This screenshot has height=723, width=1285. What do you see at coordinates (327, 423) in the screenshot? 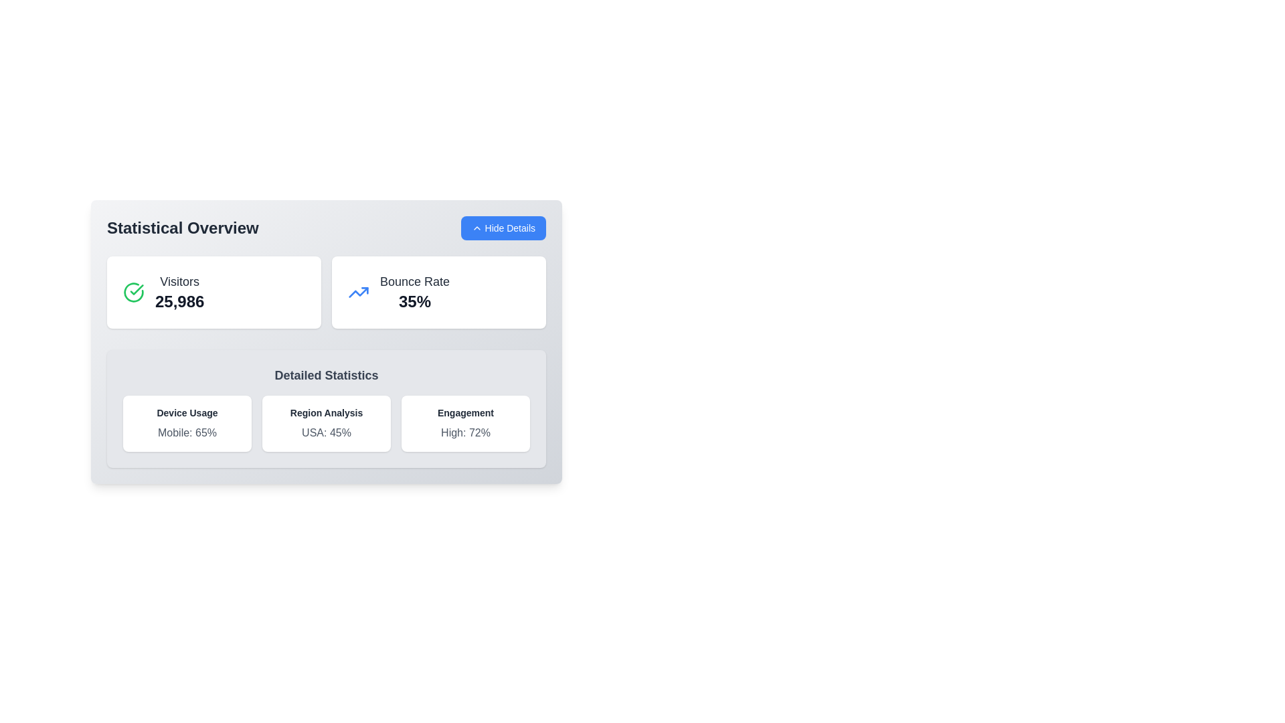
I see `statistical data displayed on the Information card, which shows 'USA: 45%.' This card is located in the center of a three-column layout under the 'Detailed Statistics' section, flanked by 'Device Usage' on the left and 'Engagement' on the right` at bounding box center [327, 423].